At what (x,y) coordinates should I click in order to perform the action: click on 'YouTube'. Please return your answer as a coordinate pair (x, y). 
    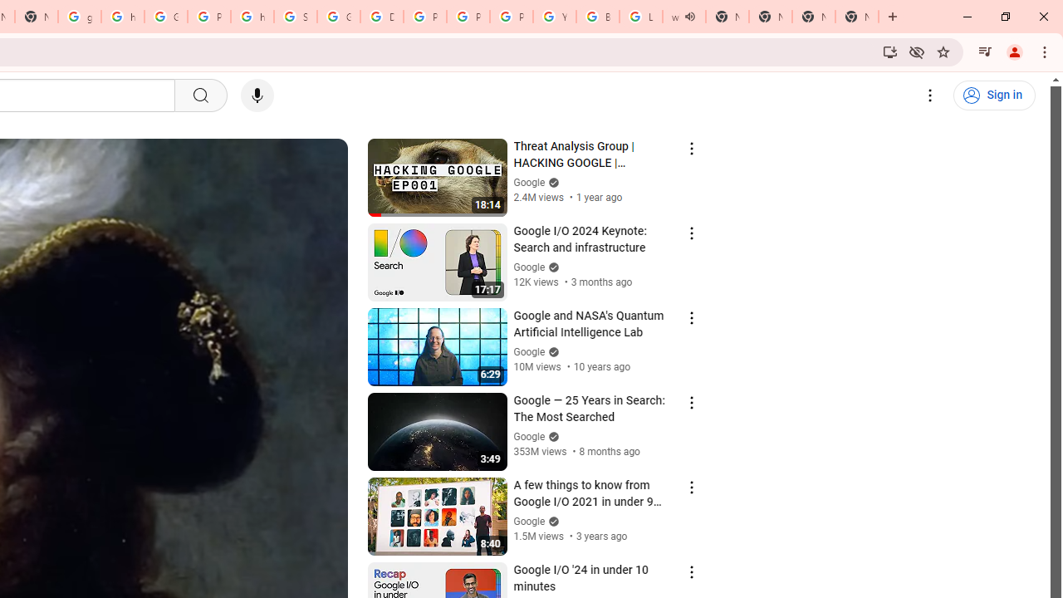
    Looking at the image, I should click on (555, 17).